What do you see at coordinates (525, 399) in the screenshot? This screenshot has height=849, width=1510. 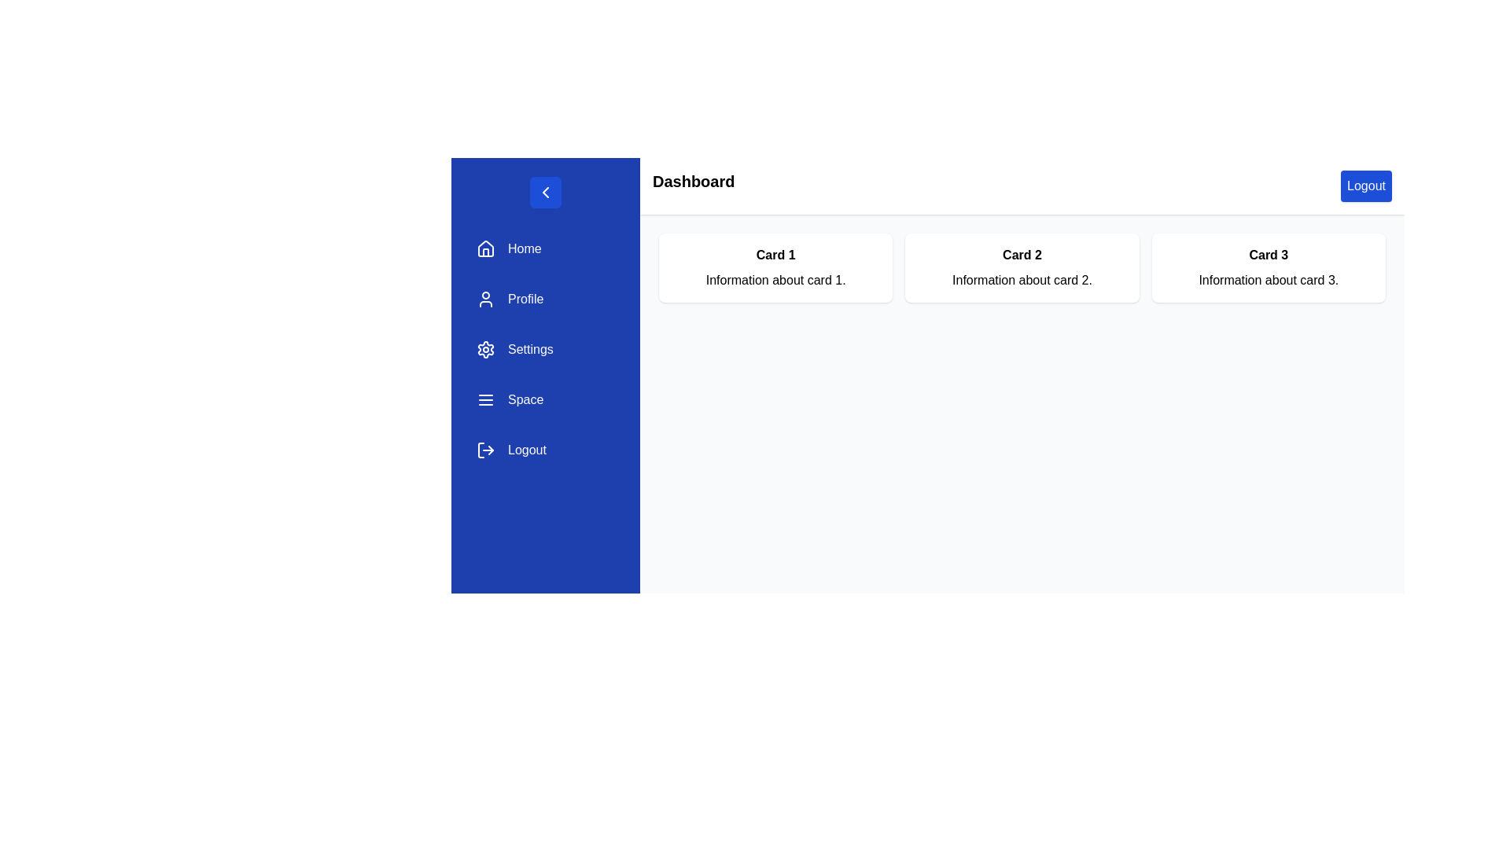 I see `the 'Space' text label, which is the fourth item in the left-hand sidebar menu` at bounding box center [525, 399].